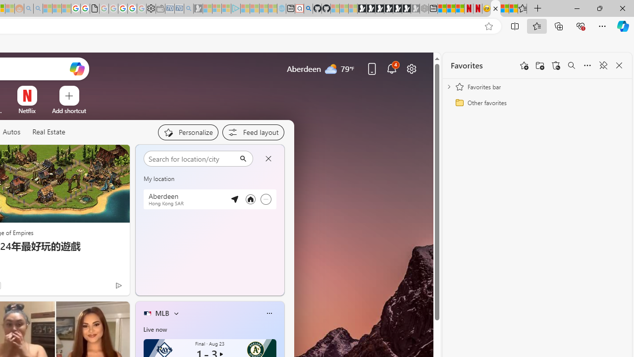 The image size is (634, 357). Describe the element at coordinates (539, 65) in the screenshot. I see `'Add folder'` at that location.